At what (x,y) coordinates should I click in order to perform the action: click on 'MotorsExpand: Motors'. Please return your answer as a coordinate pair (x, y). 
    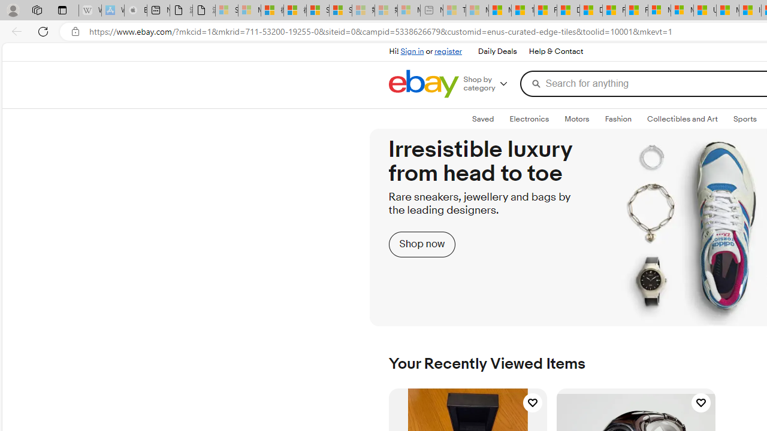
    Looking at the image, I should click on (577, 119).